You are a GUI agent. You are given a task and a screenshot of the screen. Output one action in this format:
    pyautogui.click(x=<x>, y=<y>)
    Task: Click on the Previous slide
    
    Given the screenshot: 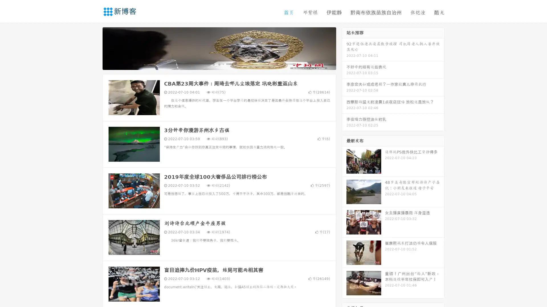 What is the action you would take?
    pyautogui.click(x=94, y=48)
    